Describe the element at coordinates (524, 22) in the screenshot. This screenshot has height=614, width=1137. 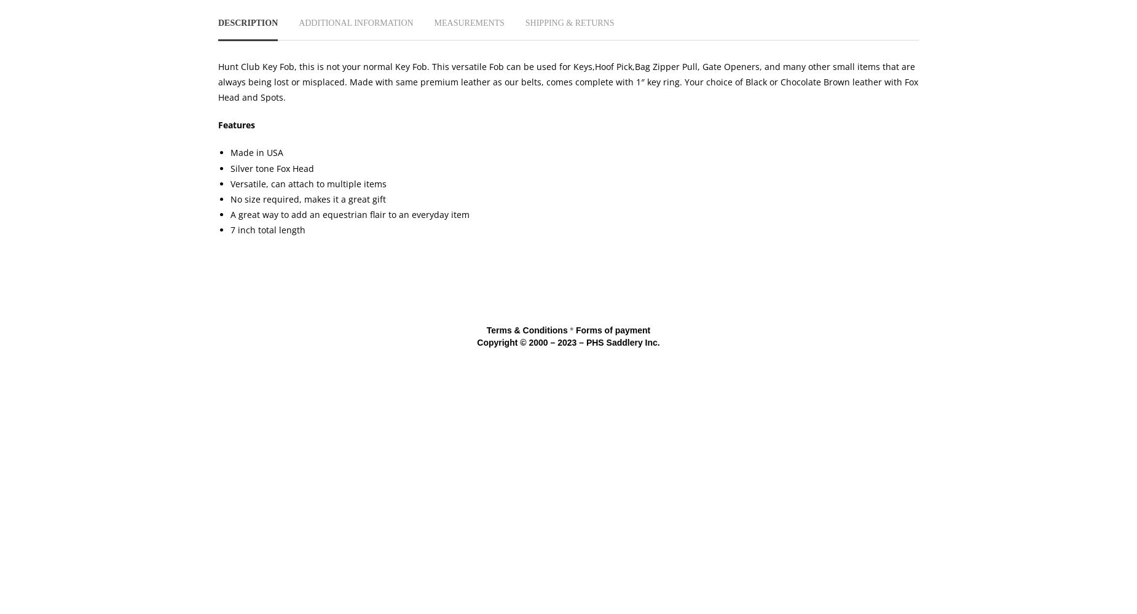
I see `'Shipping & Returns'` at that location.